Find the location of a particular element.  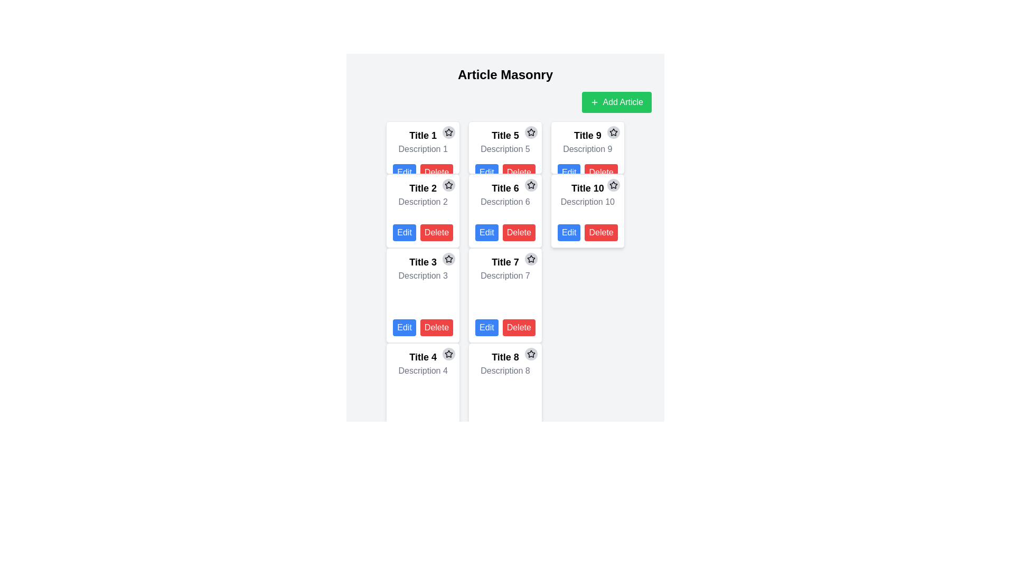

the star-shaped icon with a gray background and black outline located in the upper right corner of the 'Title 9' card is located at coordinates (613, 131).